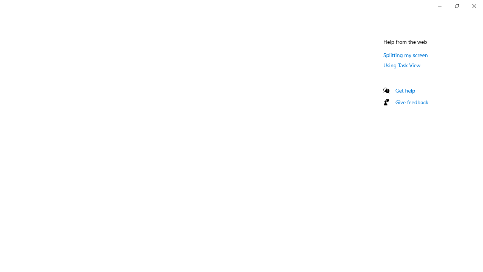 This screenshot has height=272, width=483. Describe the element at coordinates (405, 54) in the screenshot. I see `'Splitting my screen'` at that location.